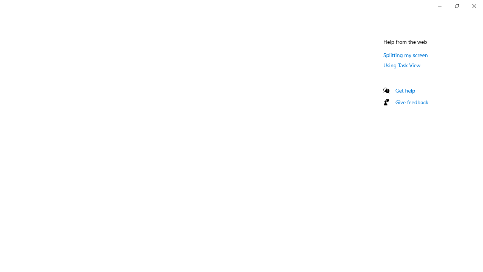 This screenshot has height=272, width=483. Describe the element at coordinates (405, 54) in the screenshot. I see `'Splitting my screen'` at that location.